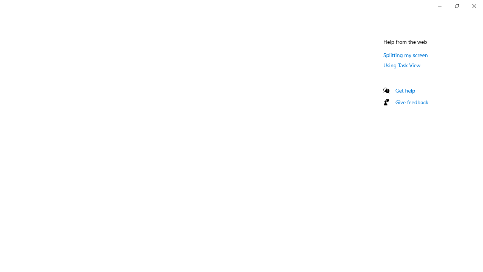 This screenshot has height=272, width=483. Describe the element at coordinates (405, 54) in the screenshot. I see `'Splitting my screen'` at that location.